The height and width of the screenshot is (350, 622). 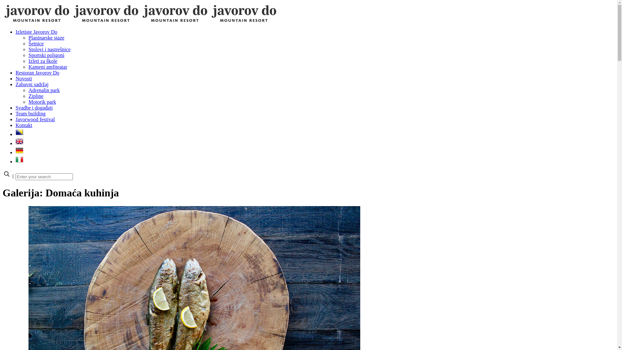 I want to click on 'Team building', so click(x=30, y=113).